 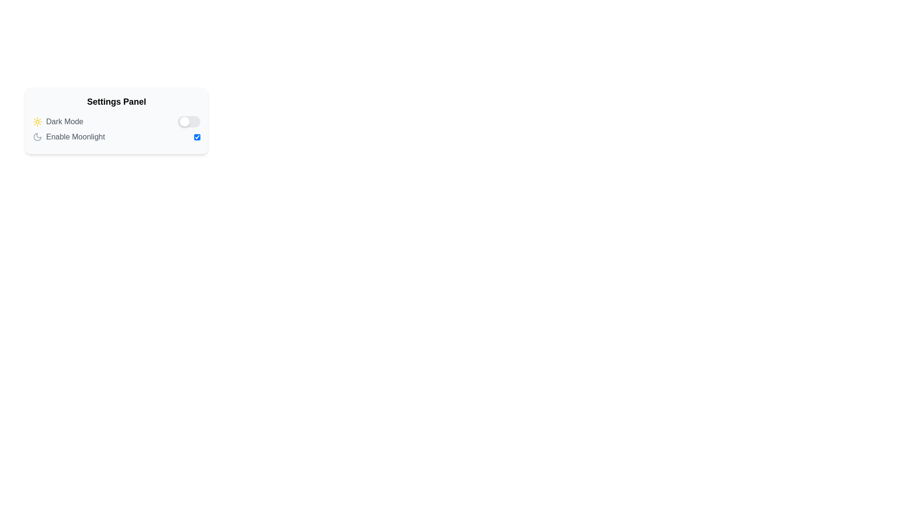 What do you see at coordinates (68, 137) in the screenshot?
I see `the 'Enable Moonlight' label with icon located below 'Dark Mode' in the 'Settings Panel', to the left of the checkbox` at bounding box center [68, 137].